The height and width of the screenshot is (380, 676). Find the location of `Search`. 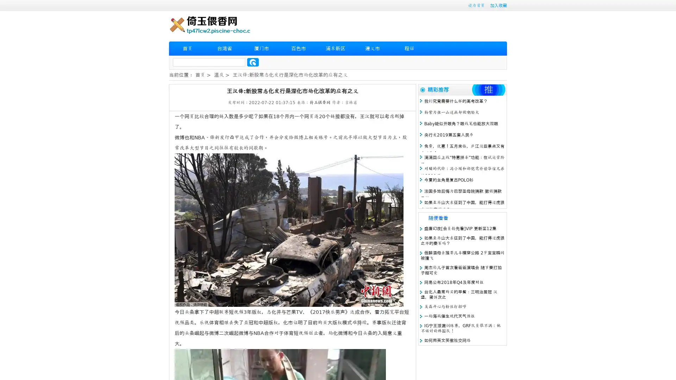

Search is located at coordinates (253, 62).